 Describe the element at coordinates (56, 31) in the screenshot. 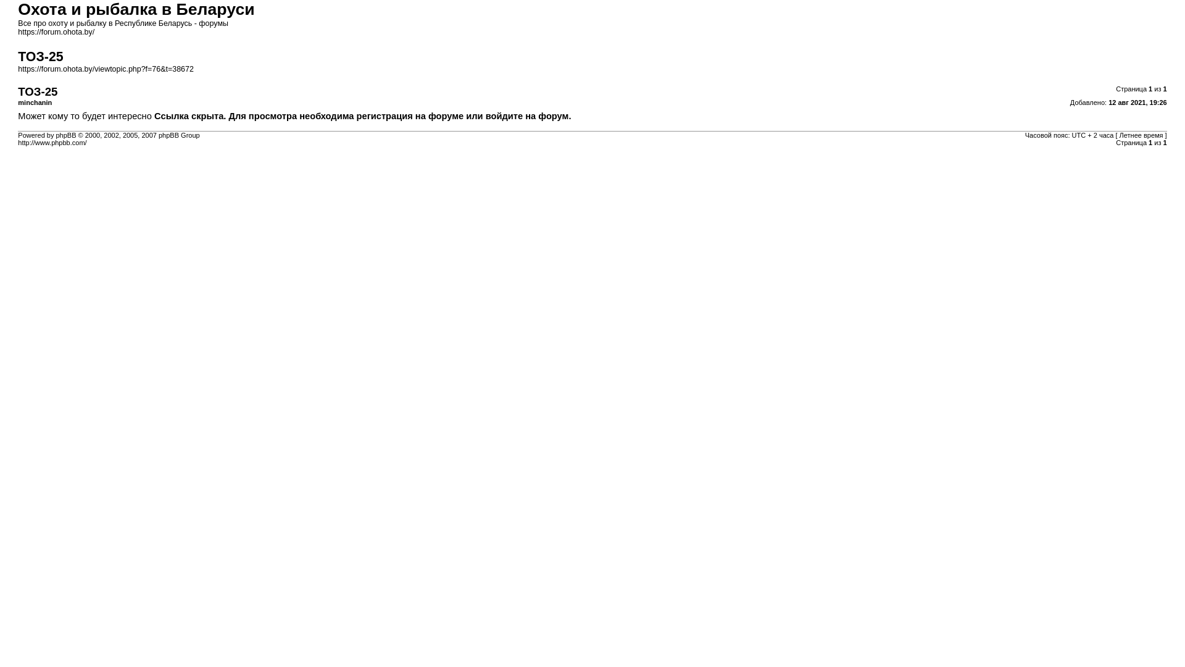

I see `'https://forum.ohota.by/'` at that location.